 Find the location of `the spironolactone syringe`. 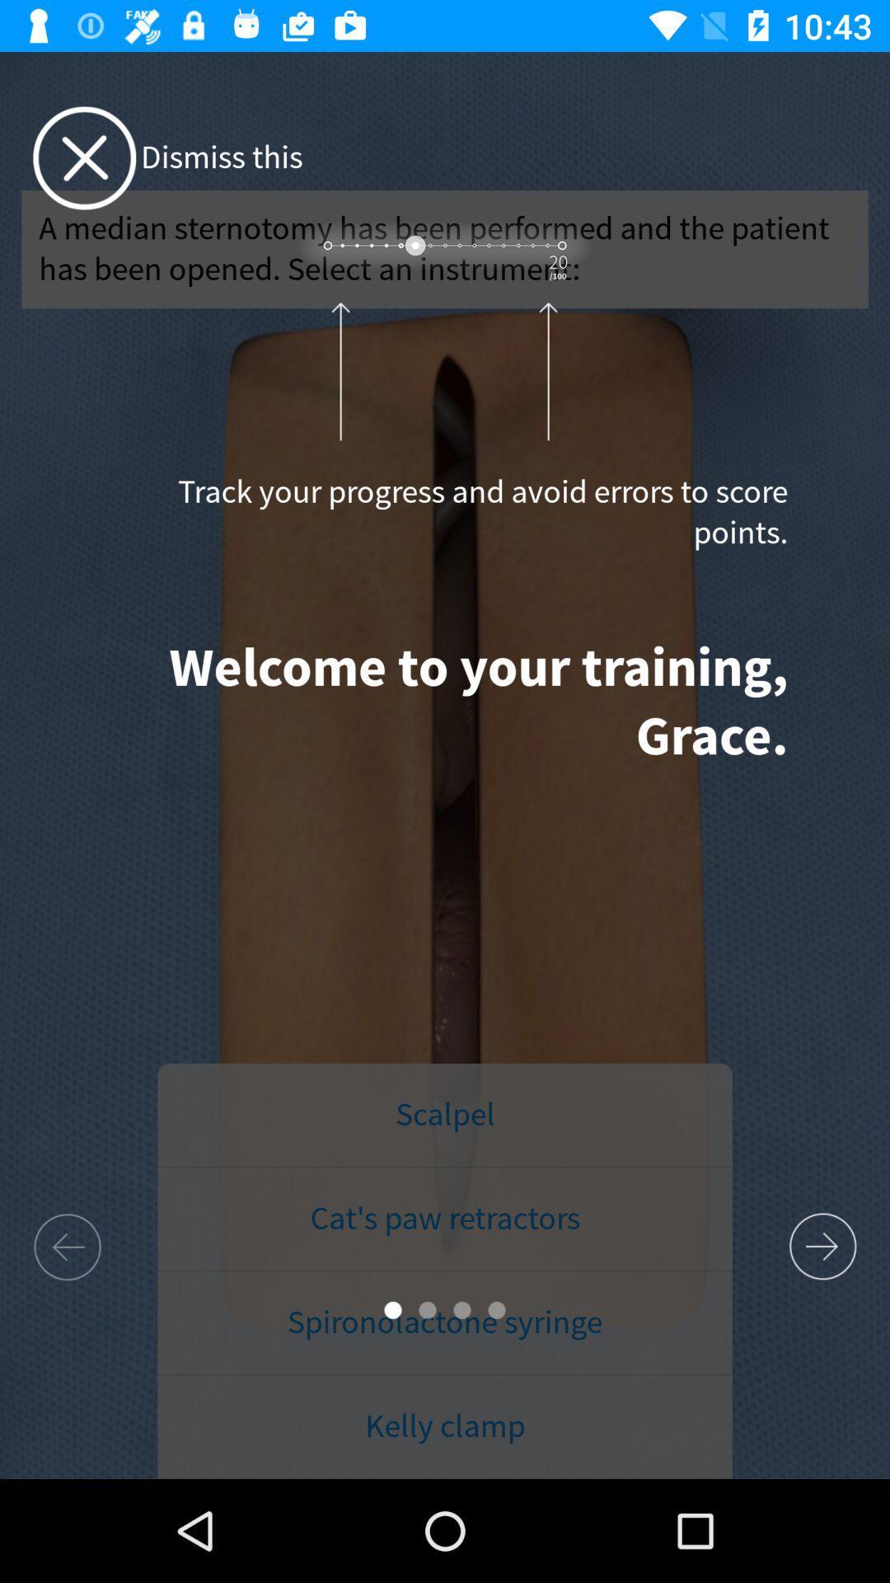

the spironolactone syringe is located at coordinates (445, 1322).